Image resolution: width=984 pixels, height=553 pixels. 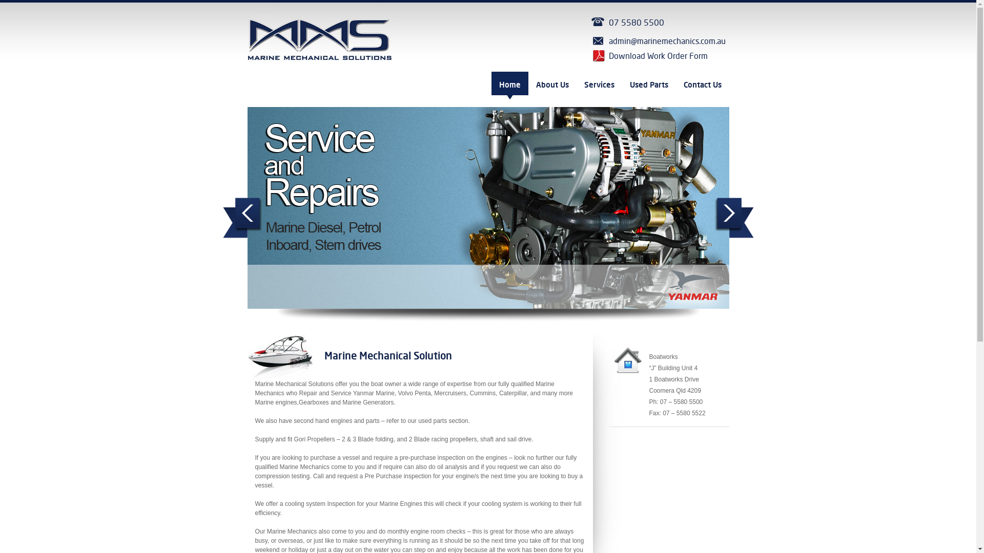 What do you see at coordinates (659, 41) in the screenshot?
I see `'admin@marinemechanics.com.au'` at bounding box center [659, 41].